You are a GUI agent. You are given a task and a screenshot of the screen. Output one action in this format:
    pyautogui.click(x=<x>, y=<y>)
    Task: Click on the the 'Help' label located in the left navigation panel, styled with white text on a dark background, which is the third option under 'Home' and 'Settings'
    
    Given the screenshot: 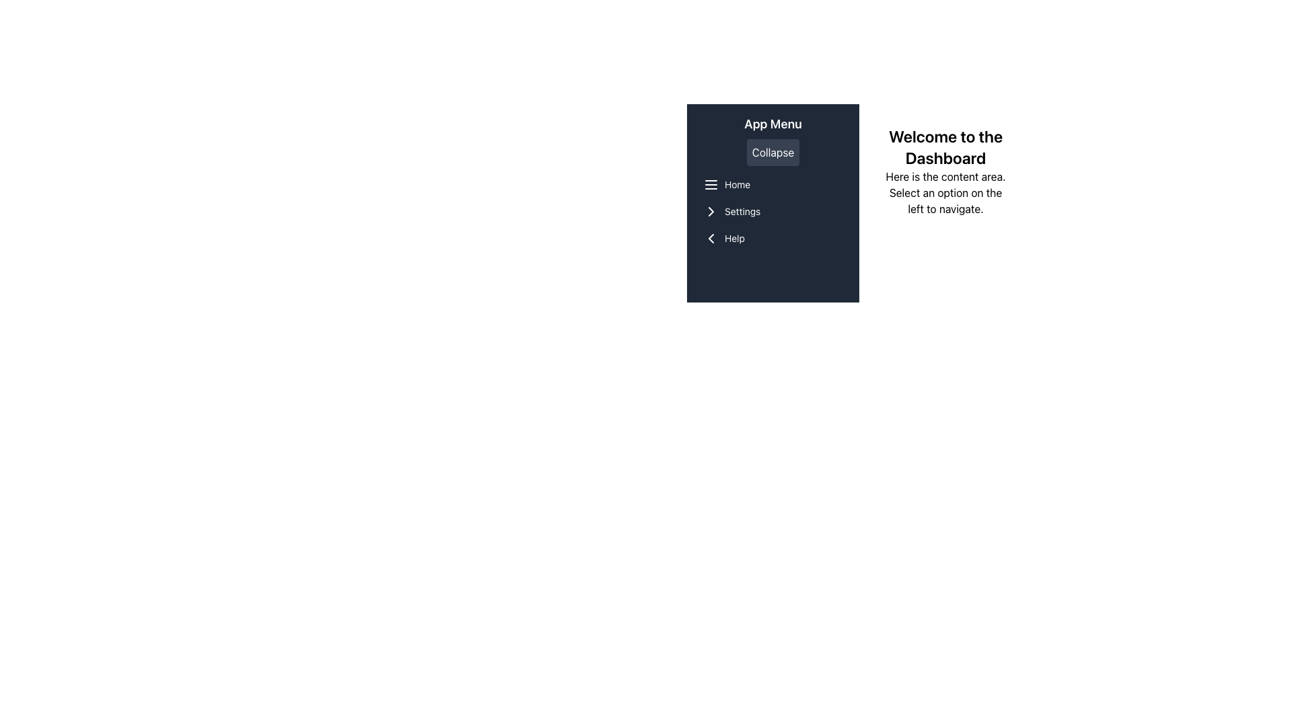 What is the action you would take?
    pyautogui.click(x=733, y=237)
    